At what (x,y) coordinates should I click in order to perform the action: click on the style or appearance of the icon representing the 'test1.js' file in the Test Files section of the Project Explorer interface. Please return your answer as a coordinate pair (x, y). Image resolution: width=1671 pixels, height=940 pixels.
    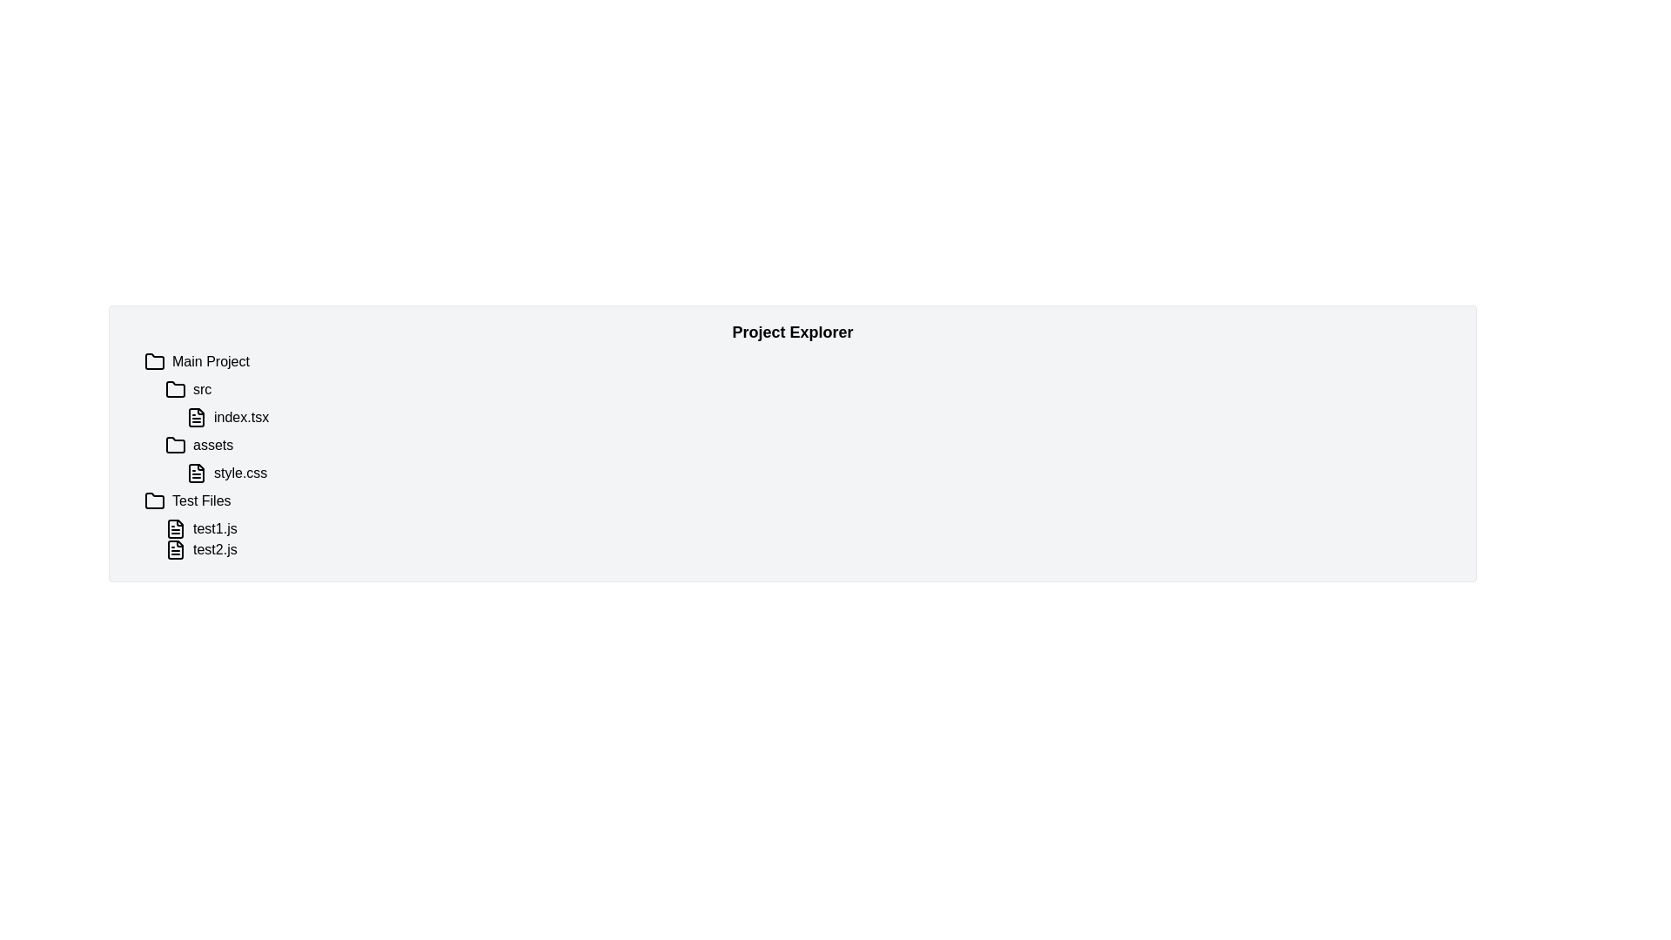
    Looking at the image, I should click on (175, 528).